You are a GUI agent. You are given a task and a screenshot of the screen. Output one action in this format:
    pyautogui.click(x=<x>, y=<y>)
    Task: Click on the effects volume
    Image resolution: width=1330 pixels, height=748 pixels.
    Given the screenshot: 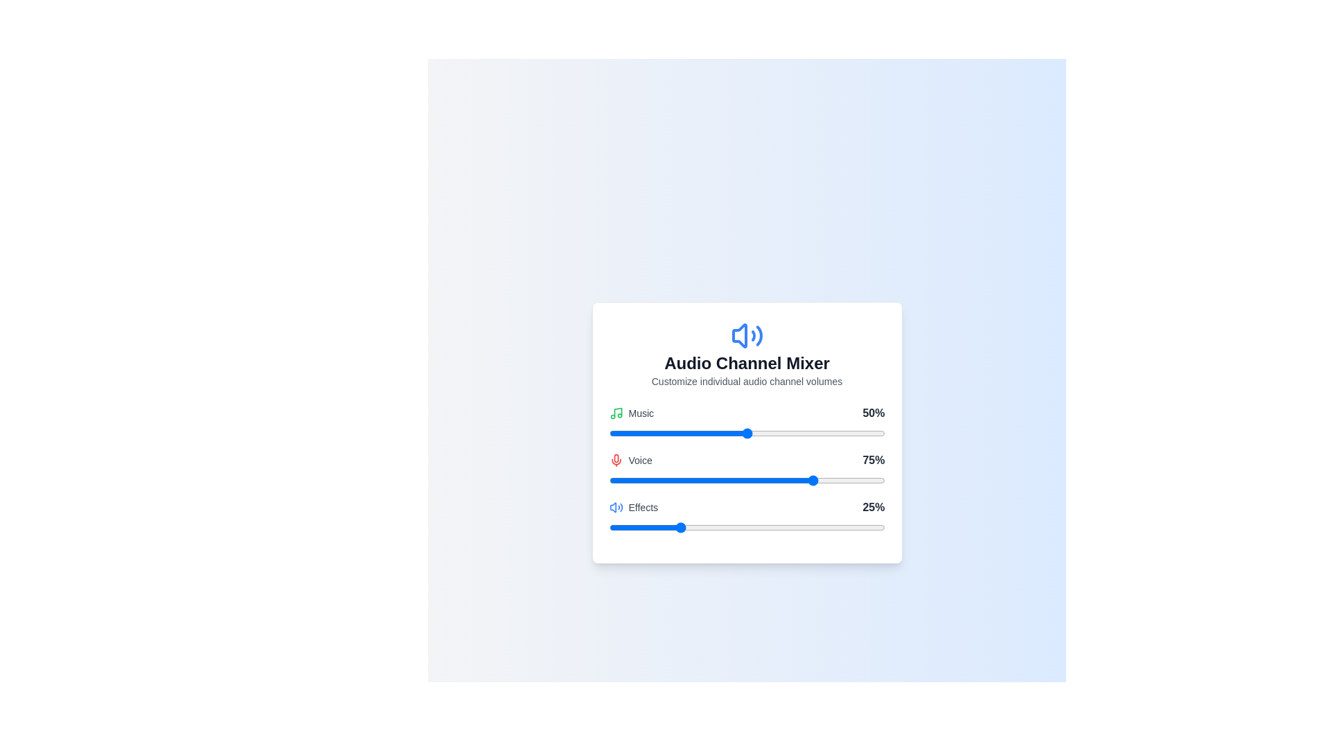 What is the action you would take?
    pyautogui.click(x=705, y=528)
    